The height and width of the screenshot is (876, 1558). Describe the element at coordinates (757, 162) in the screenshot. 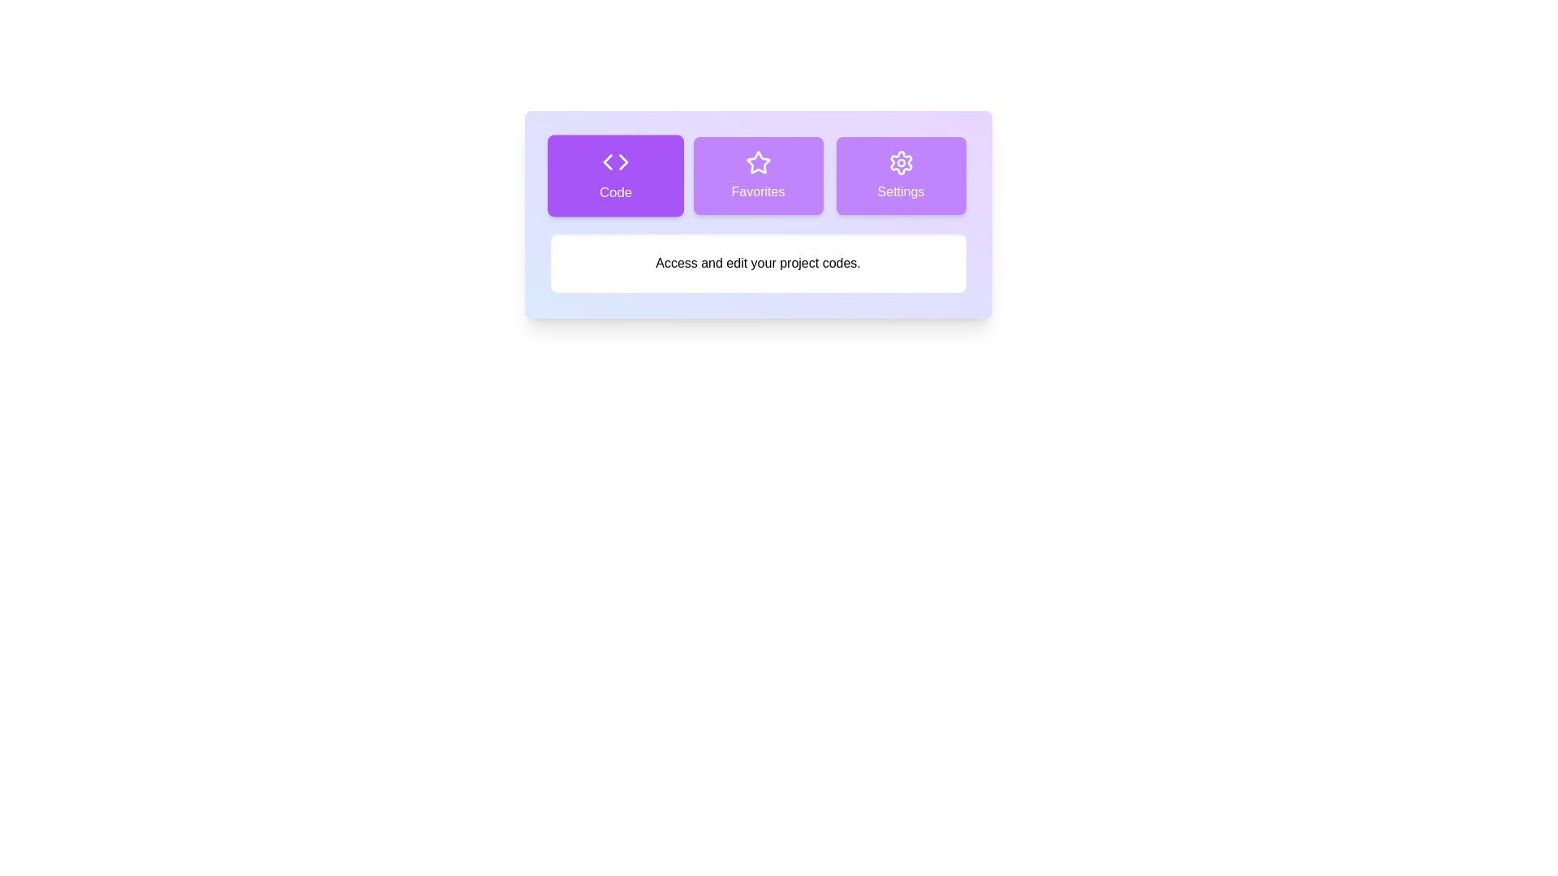

I see `the purple star icon within the second button of the 'Favorites' group` at that location.